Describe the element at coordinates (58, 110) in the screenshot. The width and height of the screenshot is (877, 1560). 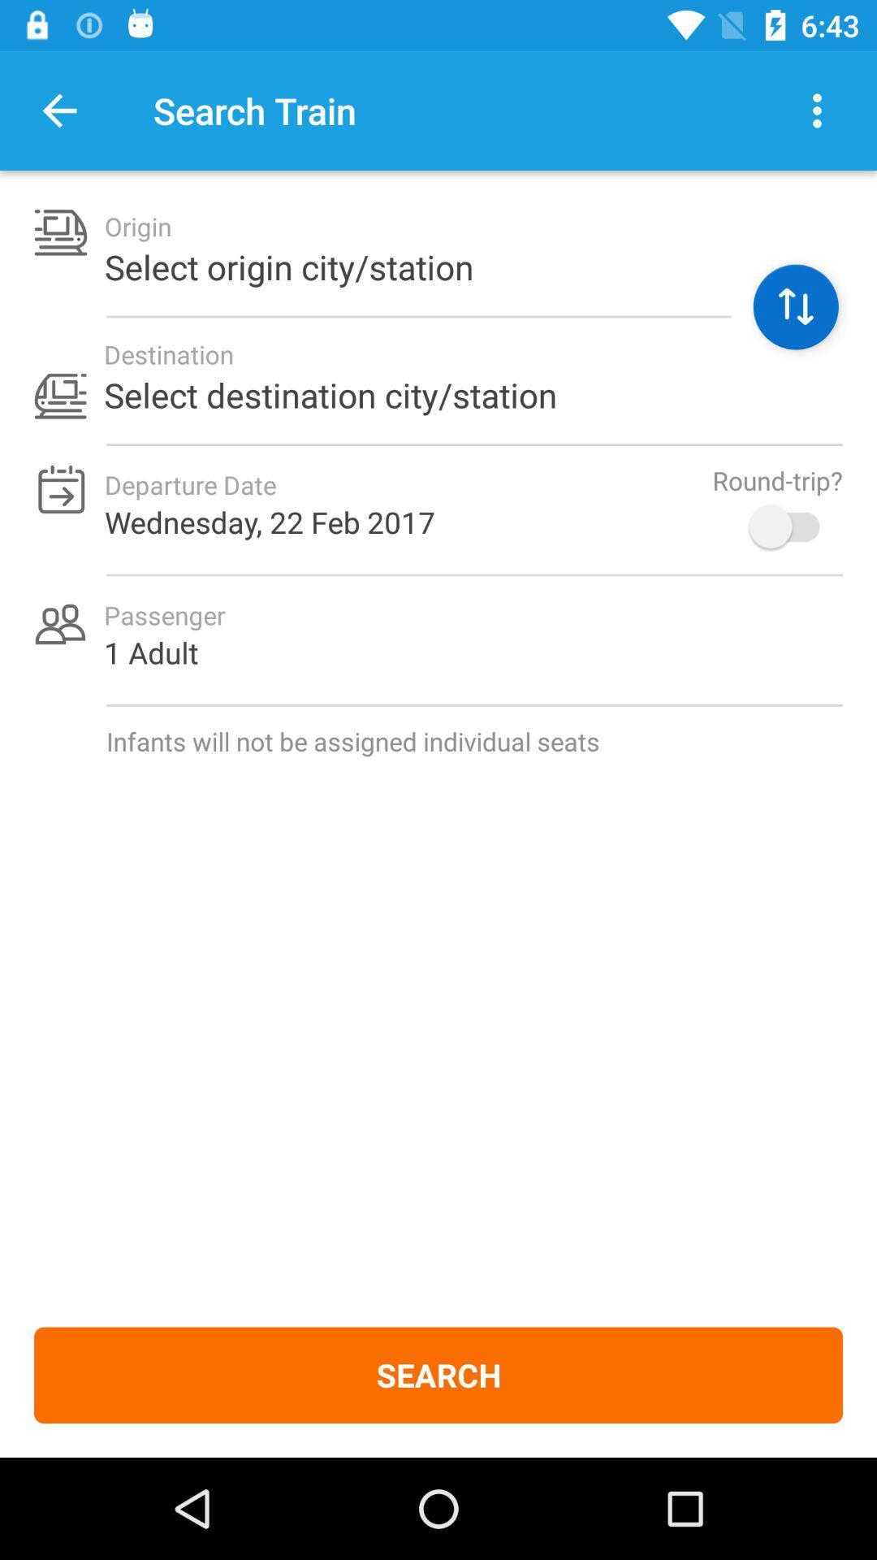
I see `icon next to search train icon` at that location.